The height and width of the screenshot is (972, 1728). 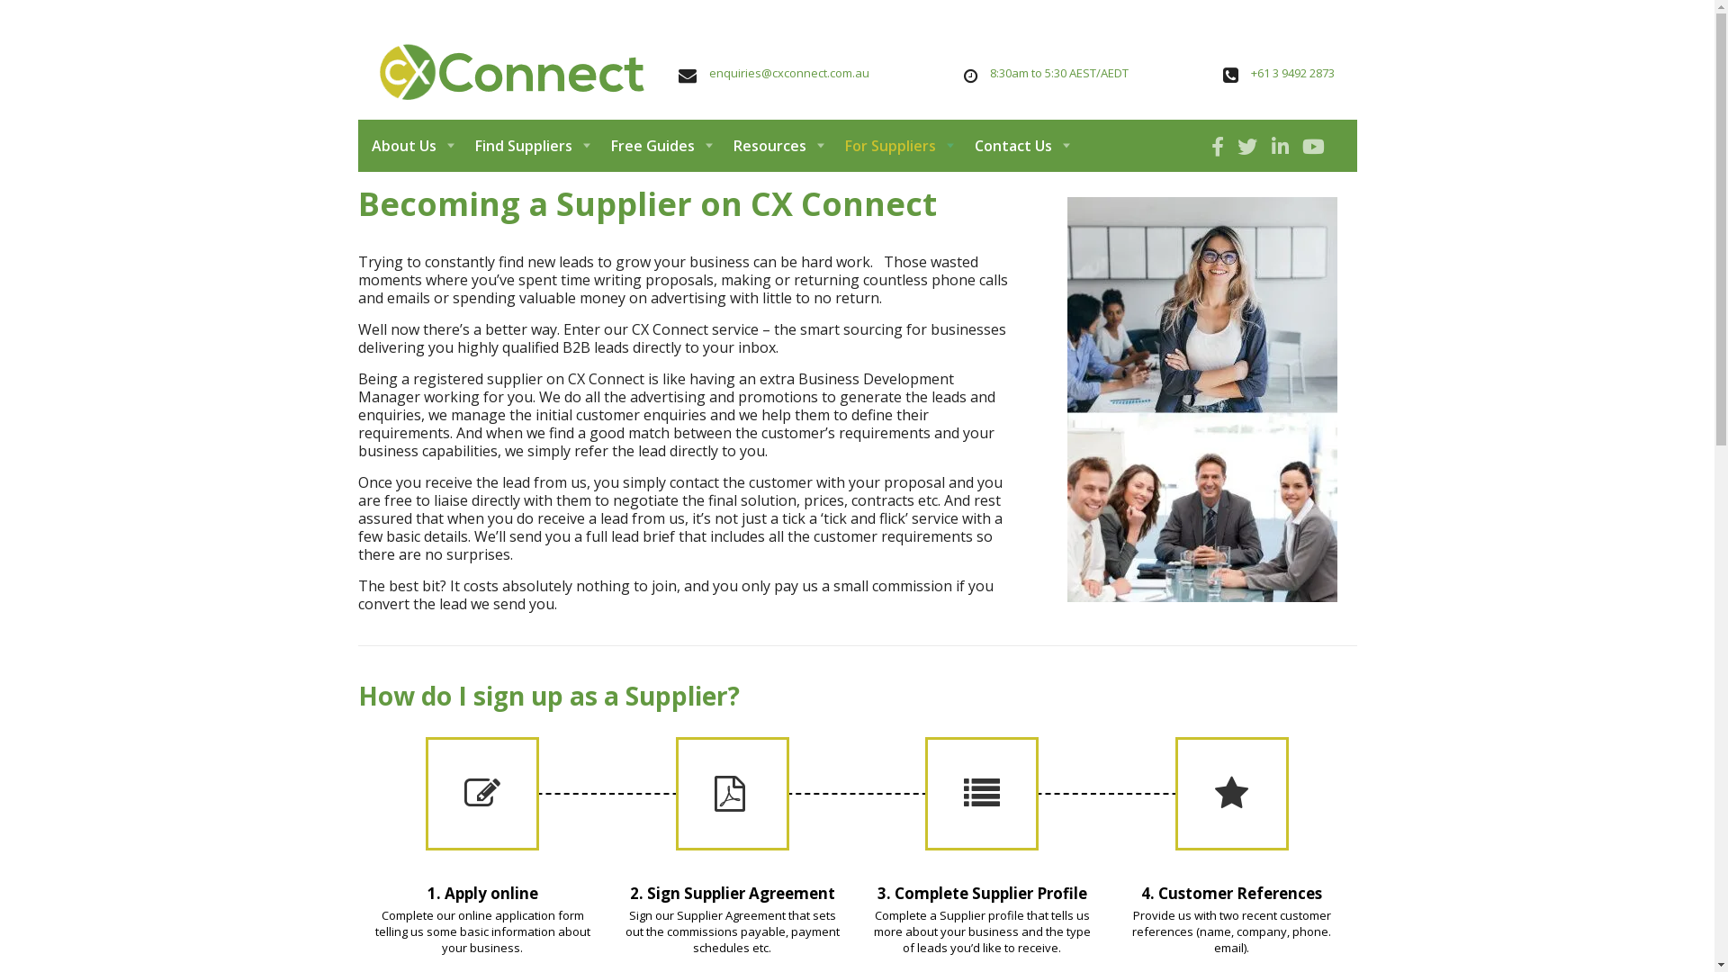 I want to click on ' ', so click(x=1248, y=144).